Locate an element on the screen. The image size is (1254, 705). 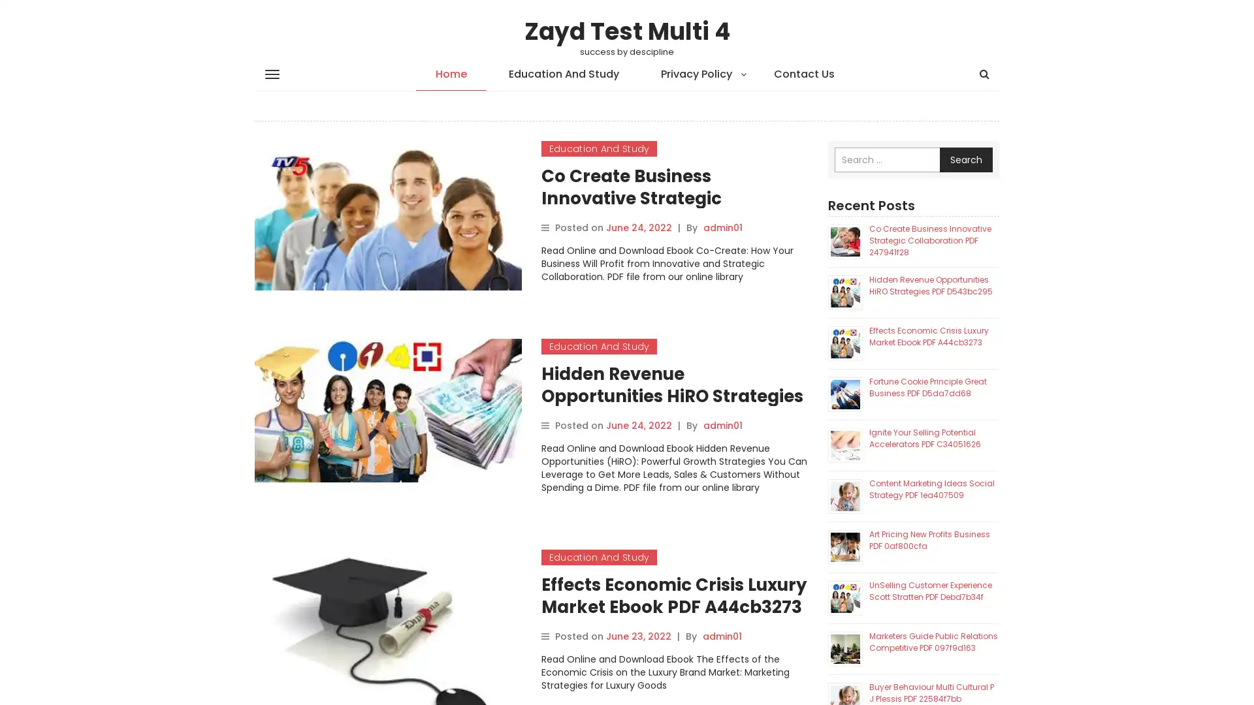
Search is located at coordinates (966, 159).